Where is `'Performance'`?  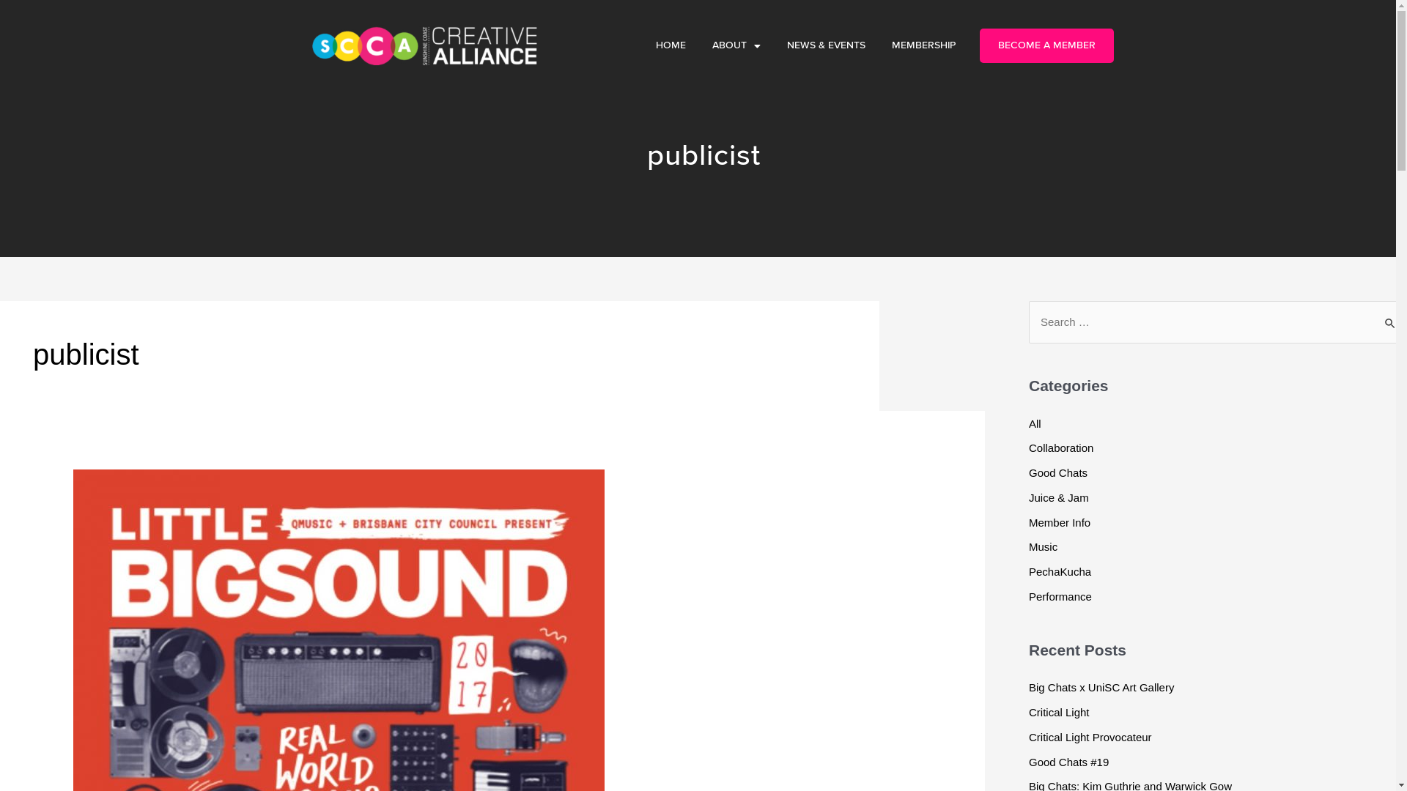 'Performance' is located at coordinates (1060, 596).